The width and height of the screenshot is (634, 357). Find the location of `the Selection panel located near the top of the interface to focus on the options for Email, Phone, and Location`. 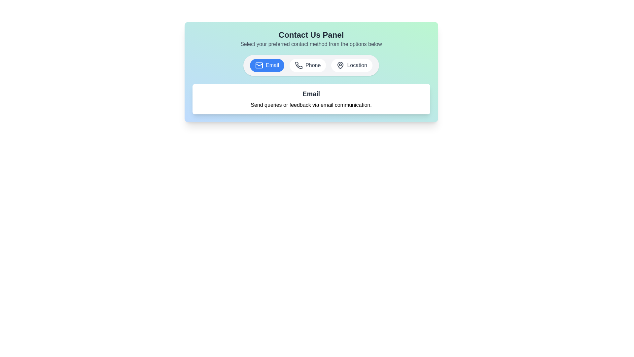

the Selection panel located near the top of the interface to focus on the options for Email, Phone, and Location is located at coordinates (311, 72).